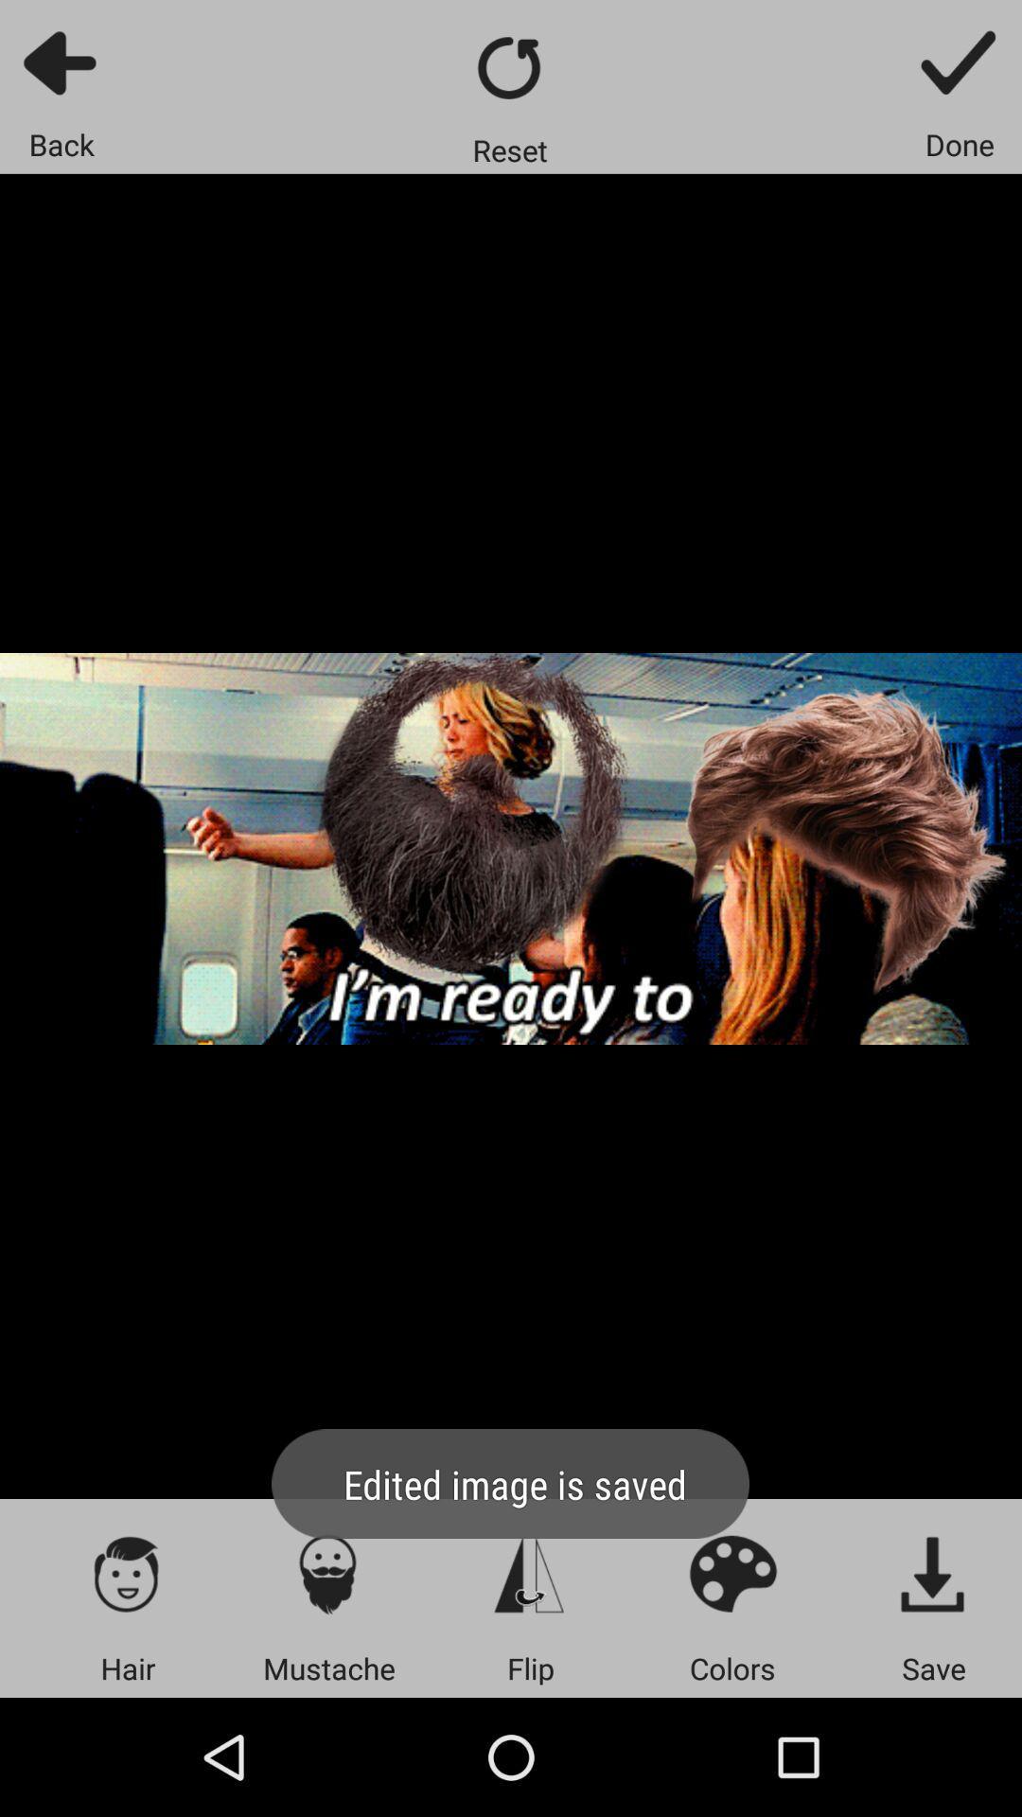 This screenshot has width=1022, height=1817. Describe the element at coordinates (128, 1573) in the screenshot. I see `hair` at that location.